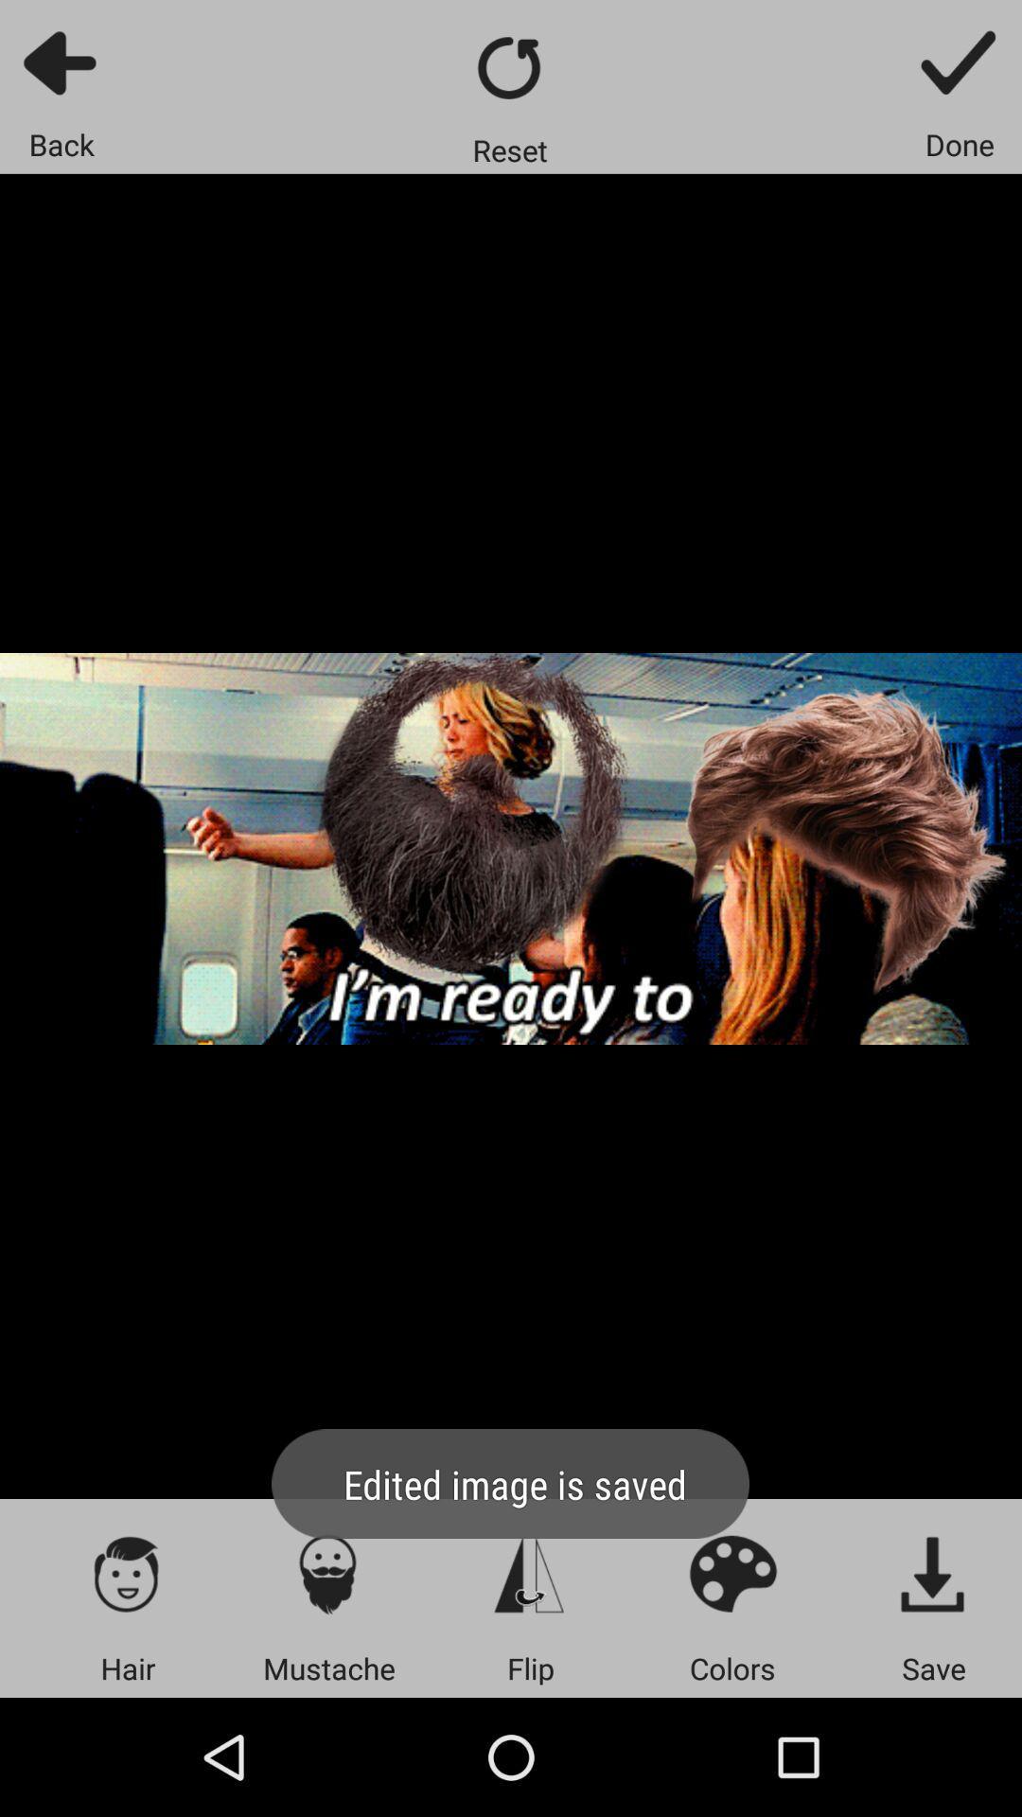 This screenshot has width=1022, height=1817. Describe the element at coordinates (128, 1573) in the screenshot. I see `hair` at that location.